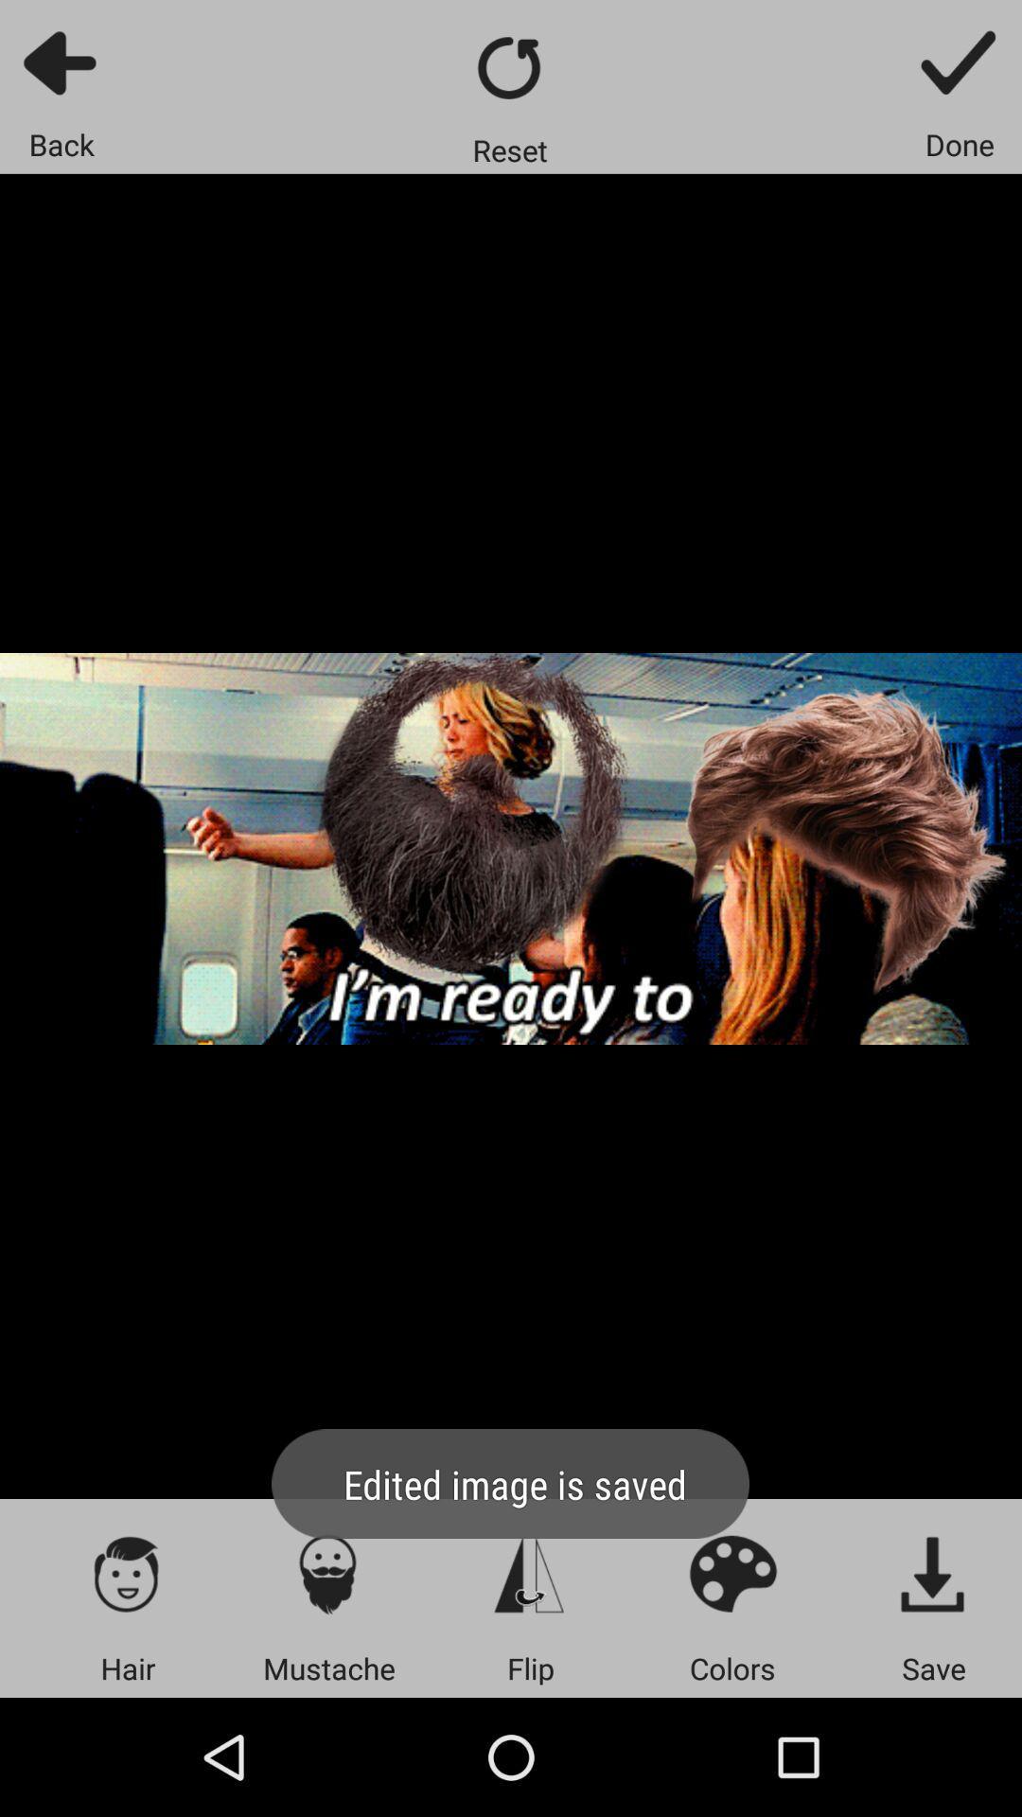 This screenshot has width=1022, height=1817. Describe the element at coordinates (128, 1573) in the screenshot. I see `hair` at that location.